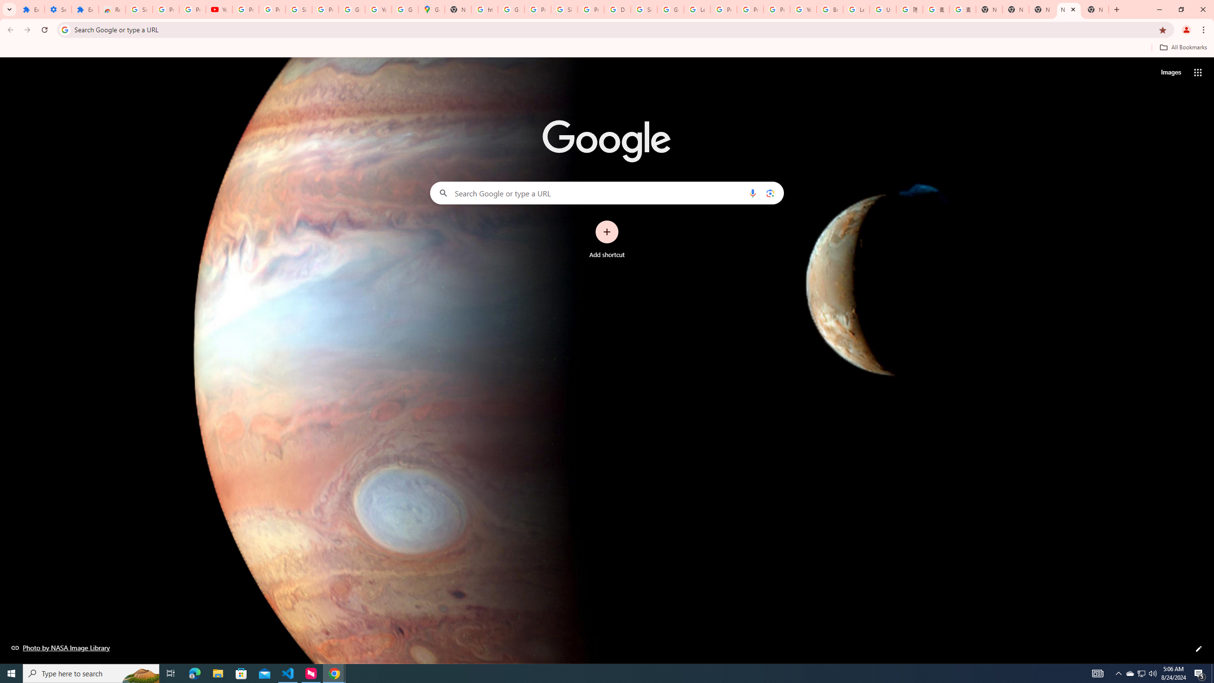 The width and height of the screenshot is (1214, 683). What do you see at coordinates (112, 9) in the screenshot?
I see `'Reviews: Helix Fruit Jump Arcade Game'` at bounding box center [112, 9].